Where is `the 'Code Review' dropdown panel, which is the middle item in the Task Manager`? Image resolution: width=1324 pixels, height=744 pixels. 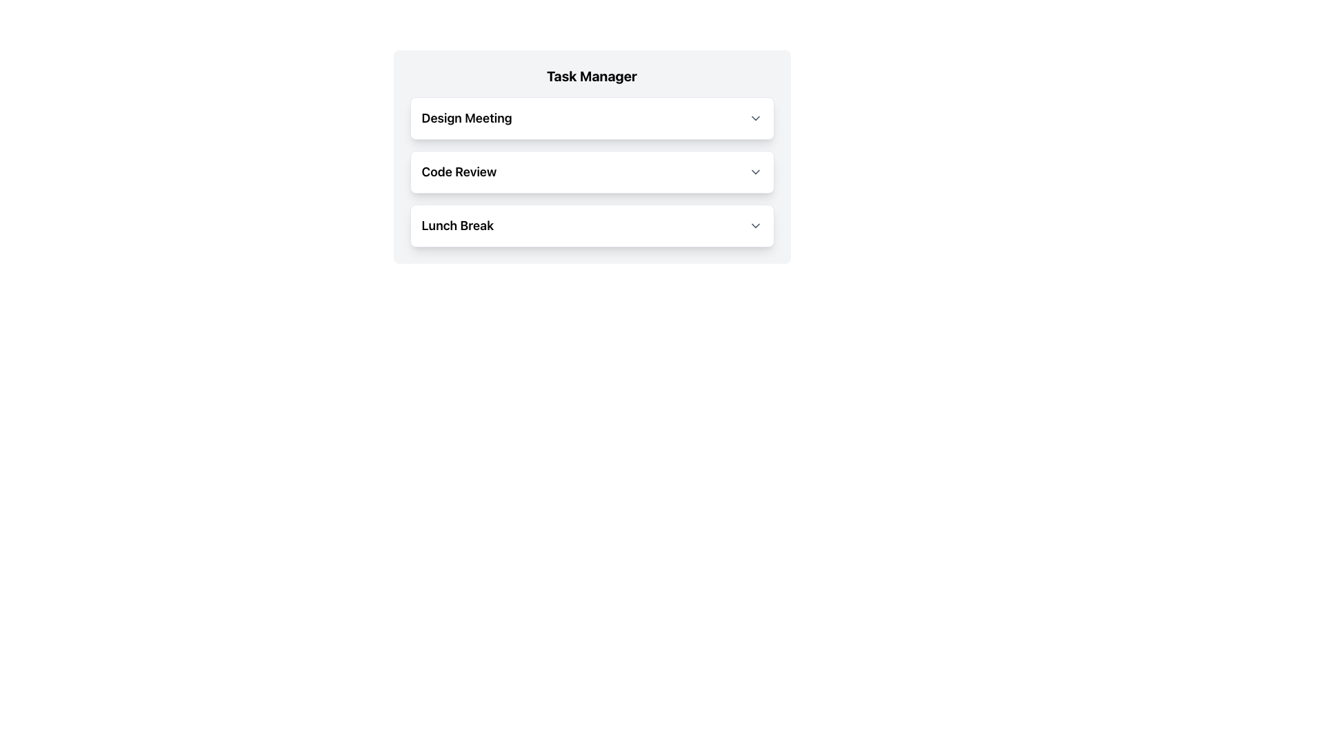 the 'Code Review' dropdown panel, which is the middle item in the Task Manager is located at coordinates (592, 156).